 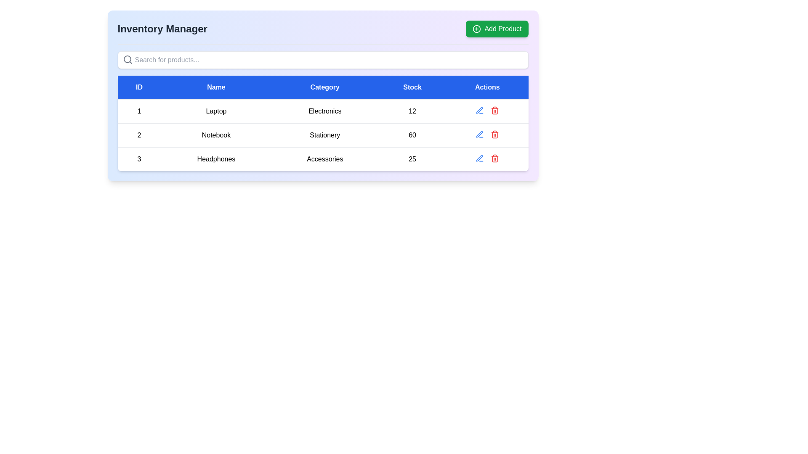 I want to click on the delete icon button for the product 'Laptop' to trigger a visual state change, so click(x=495, y=110).